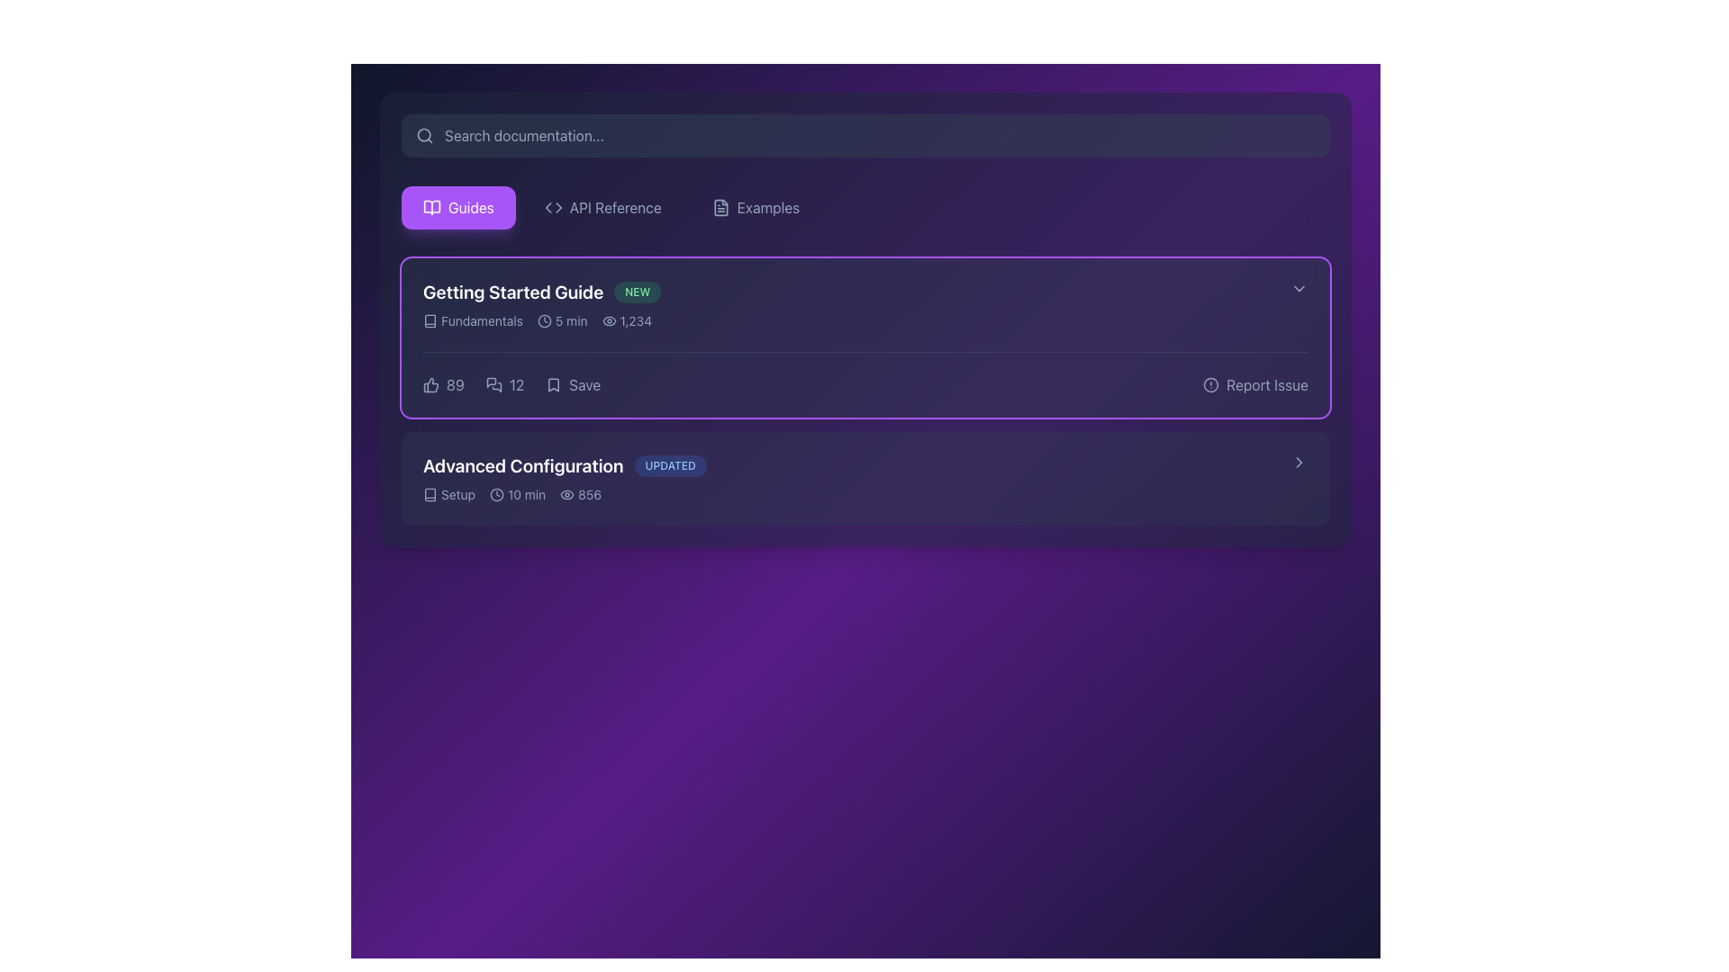 The image size is (1729, 972). I want to click on the outlined thumbs-up icon in the 'Getting Started Guide' section, so click(430, 384).